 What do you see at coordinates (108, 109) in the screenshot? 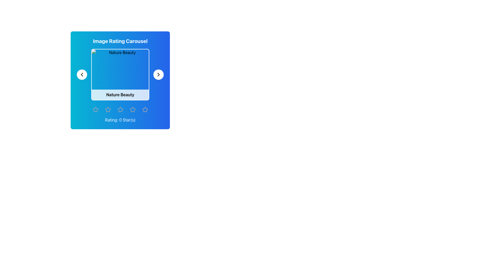
I see `the first star icon in the rating control group under the 'Nature Beauty' image` at bounding box center [108, 109].